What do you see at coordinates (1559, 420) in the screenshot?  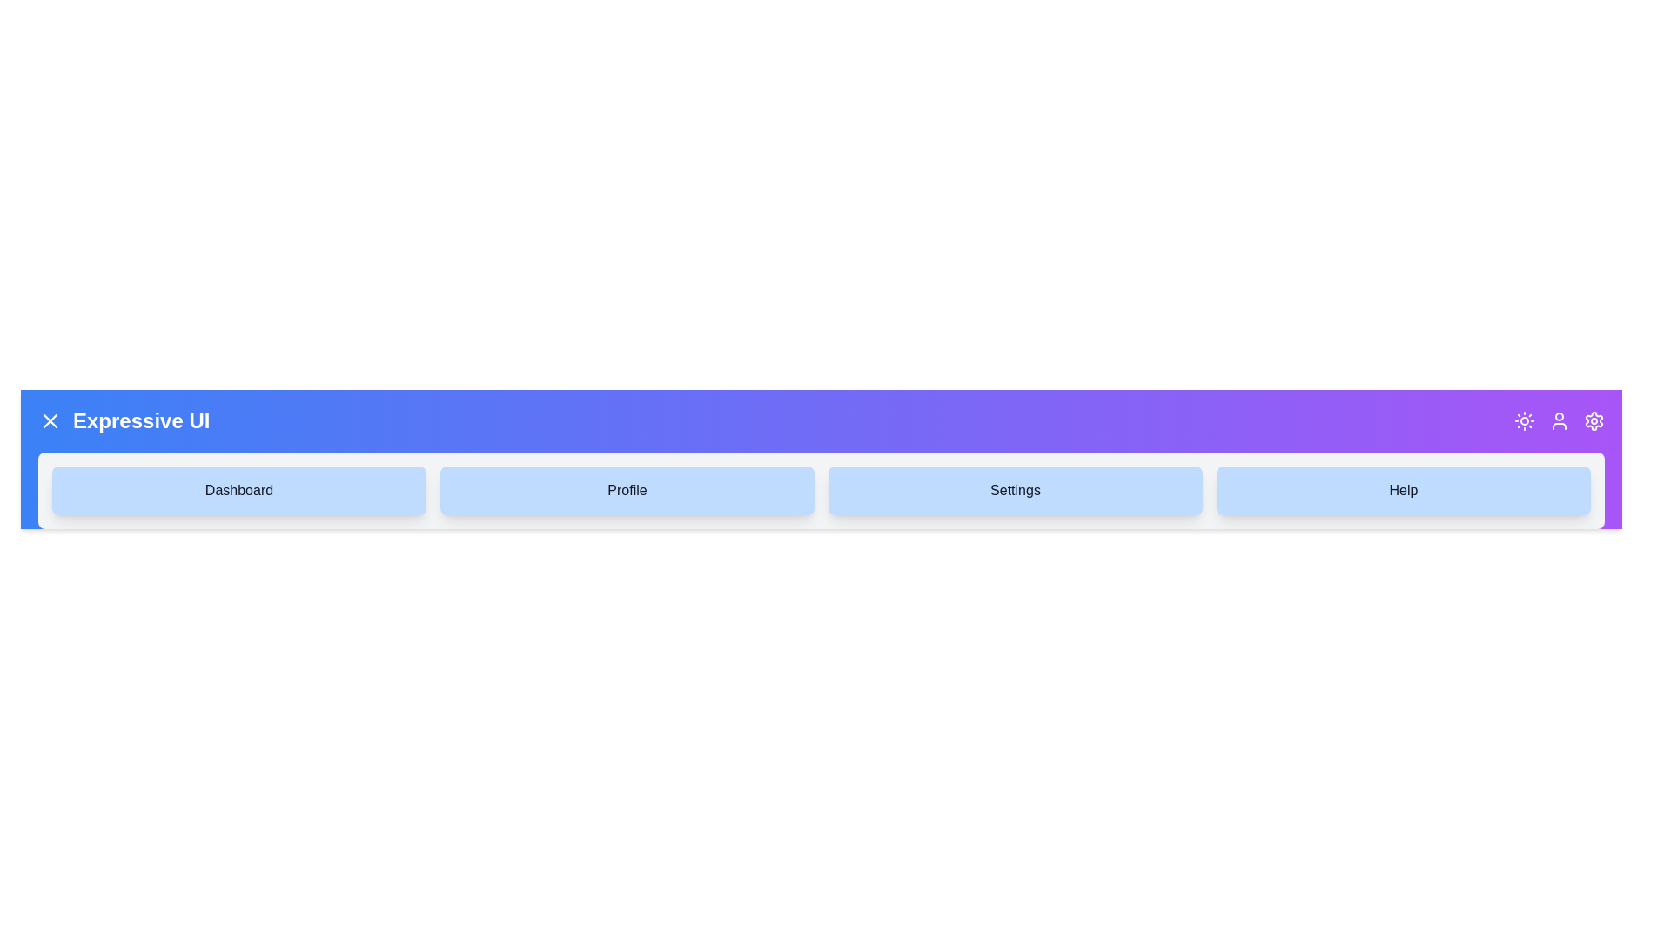 I see `the User button in the top right corner of the app bar` at bounding box center [1559, 420].